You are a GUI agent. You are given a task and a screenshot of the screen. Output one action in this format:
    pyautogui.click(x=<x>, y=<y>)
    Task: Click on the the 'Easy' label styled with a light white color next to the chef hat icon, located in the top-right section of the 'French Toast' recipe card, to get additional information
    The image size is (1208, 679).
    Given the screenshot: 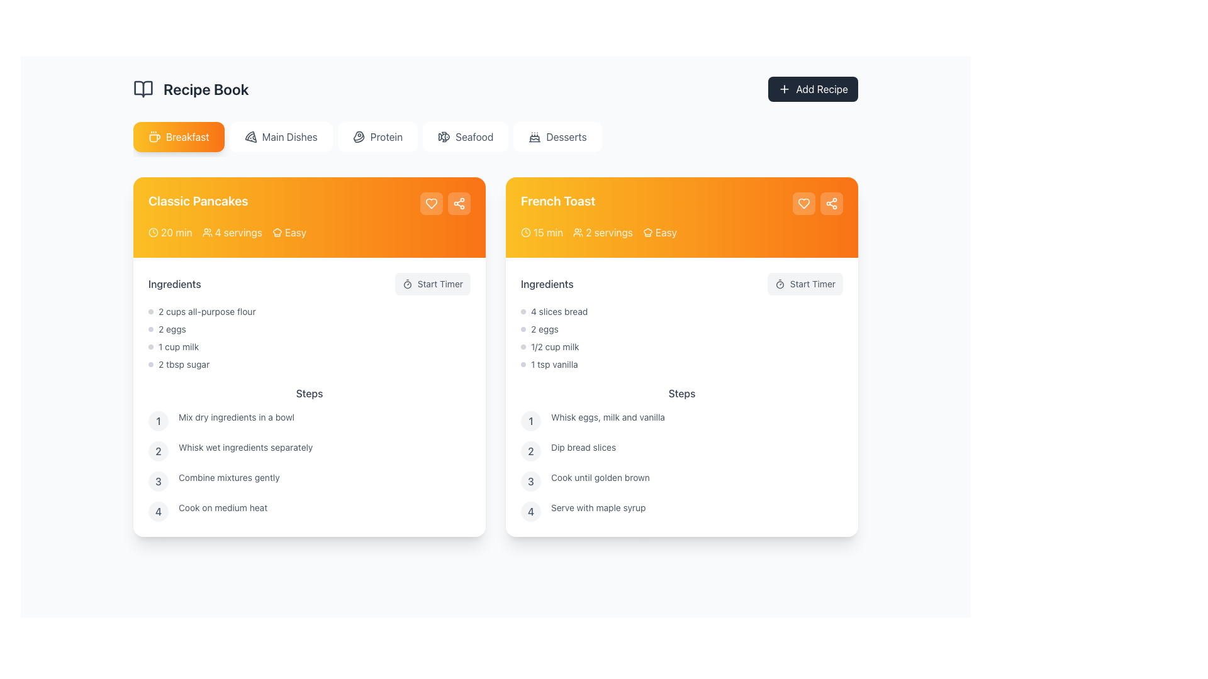 What is the action you would take?
    pyautogui.click(x=659, y=233)
    